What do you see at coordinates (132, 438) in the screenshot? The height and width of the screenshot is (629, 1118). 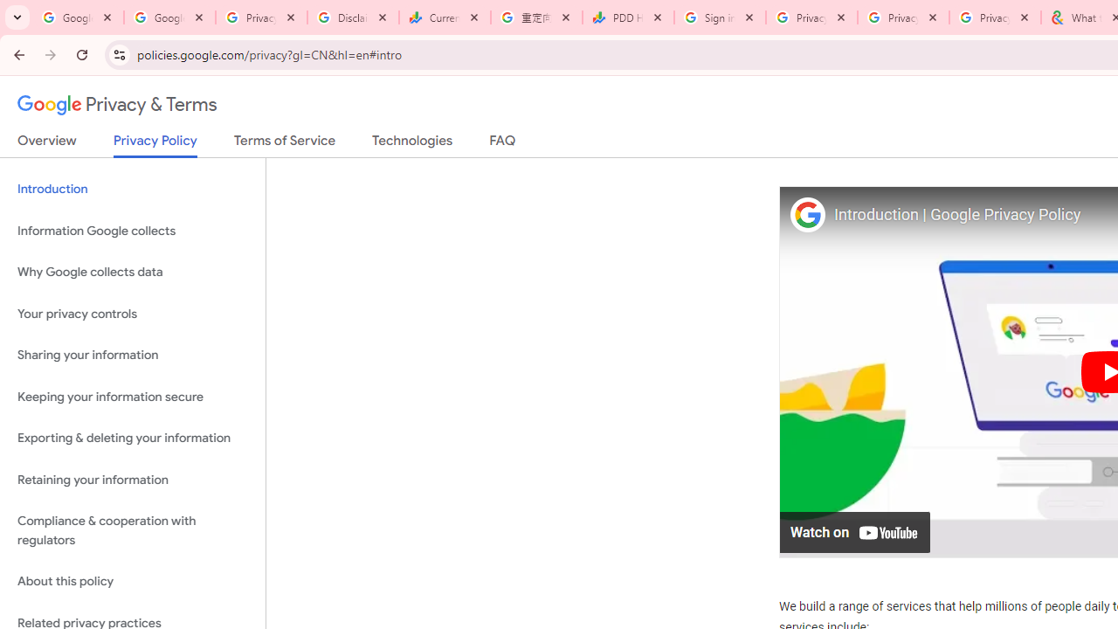 I see `'Exporting & deleting your information'` at bounding box center [132, 438].